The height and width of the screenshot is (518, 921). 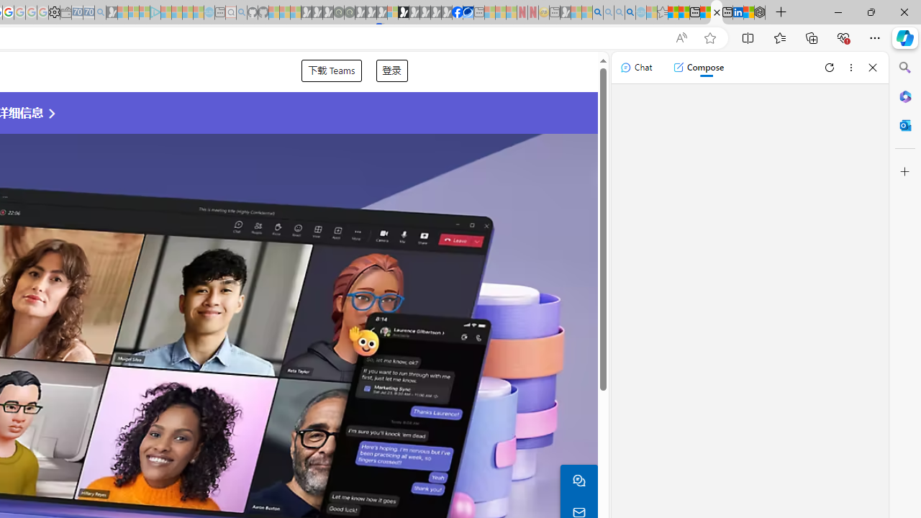 What do you see at coordinates (630, 12) in the screenshot?
I see `'Google Chrome Internet Browser Download - Search Images'` at bounding box center [630, 12].